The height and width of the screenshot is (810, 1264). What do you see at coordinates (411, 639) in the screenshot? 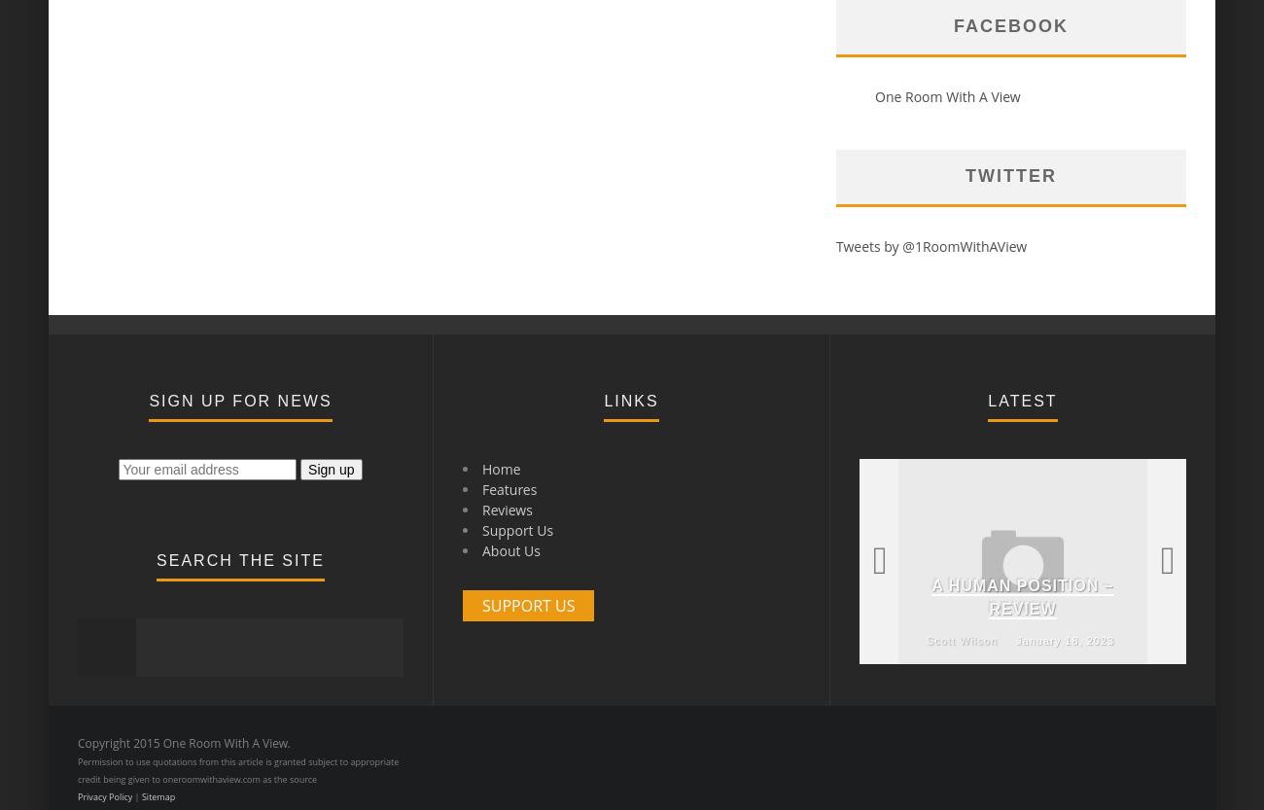
I see `'January 6, 2023'` at bounding box center [411, 639].